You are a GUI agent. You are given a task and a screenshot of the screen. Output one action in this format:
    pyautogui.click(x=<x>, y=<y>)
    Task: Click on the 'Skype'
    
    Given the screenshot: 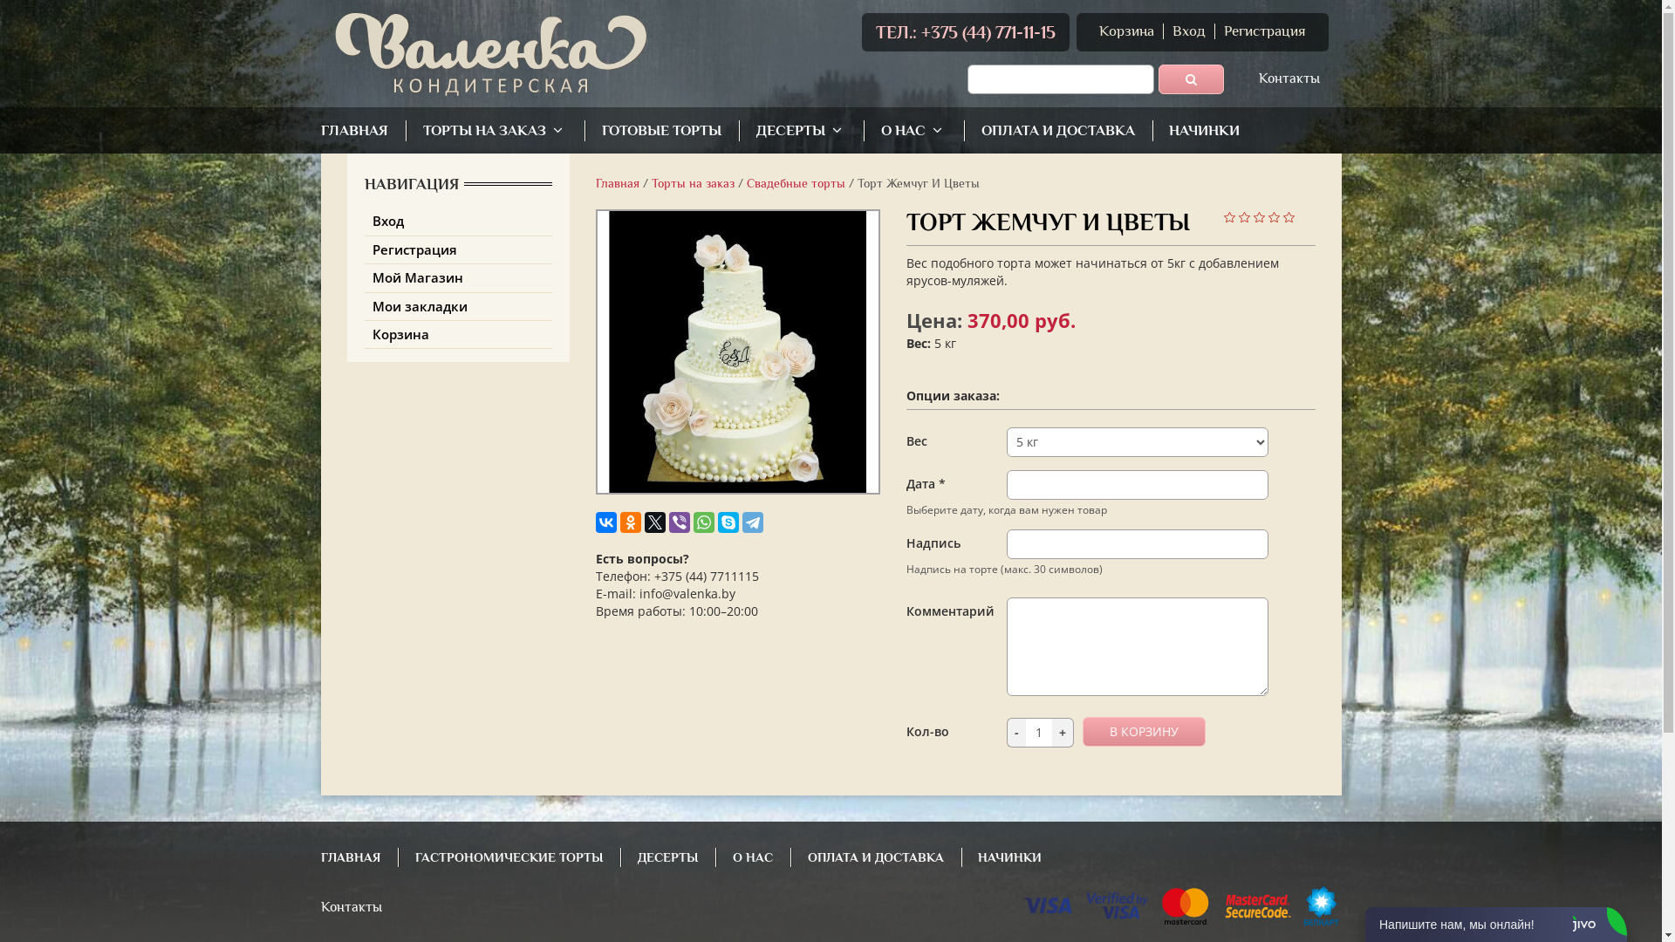 What is the action you would take?
    pyautogui.click(x=716, y=521)
    